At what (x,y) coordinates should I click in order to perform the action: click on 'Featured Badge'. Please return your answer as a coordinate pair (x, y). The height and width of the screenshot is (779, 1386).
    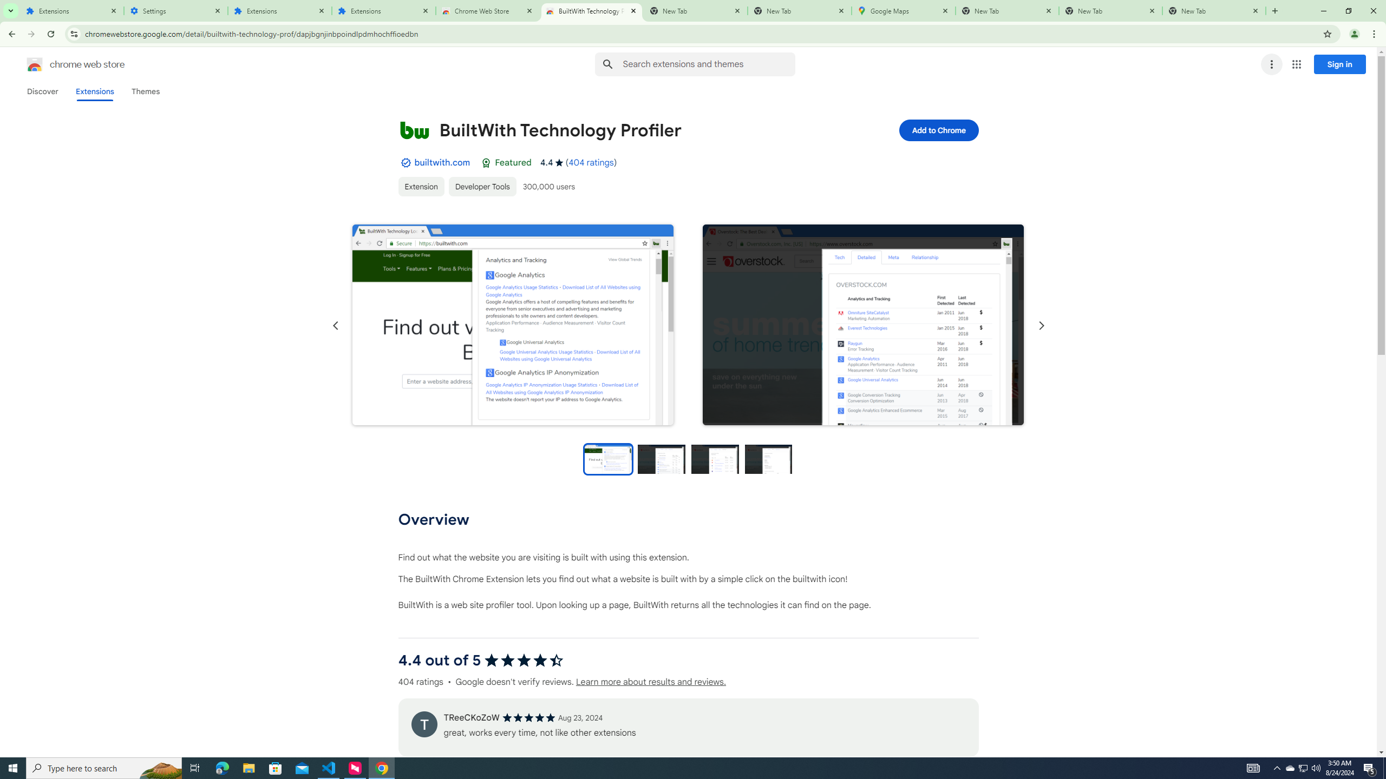
    Looking at the image, I should click on (486, 162).